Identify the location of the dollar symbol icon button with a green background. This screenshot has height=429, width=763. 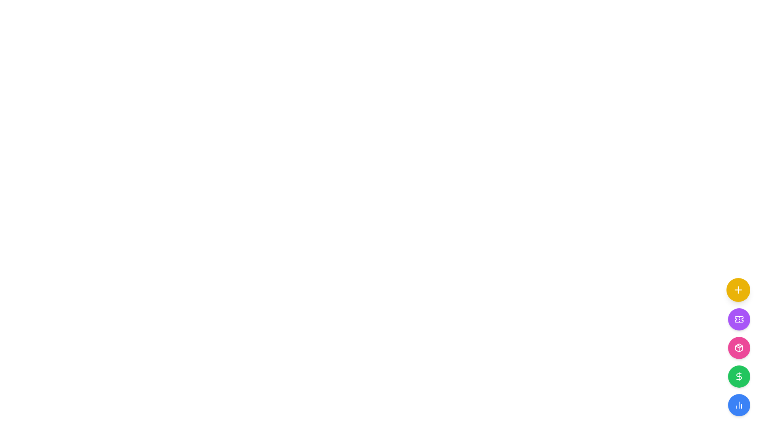
(739, 376).